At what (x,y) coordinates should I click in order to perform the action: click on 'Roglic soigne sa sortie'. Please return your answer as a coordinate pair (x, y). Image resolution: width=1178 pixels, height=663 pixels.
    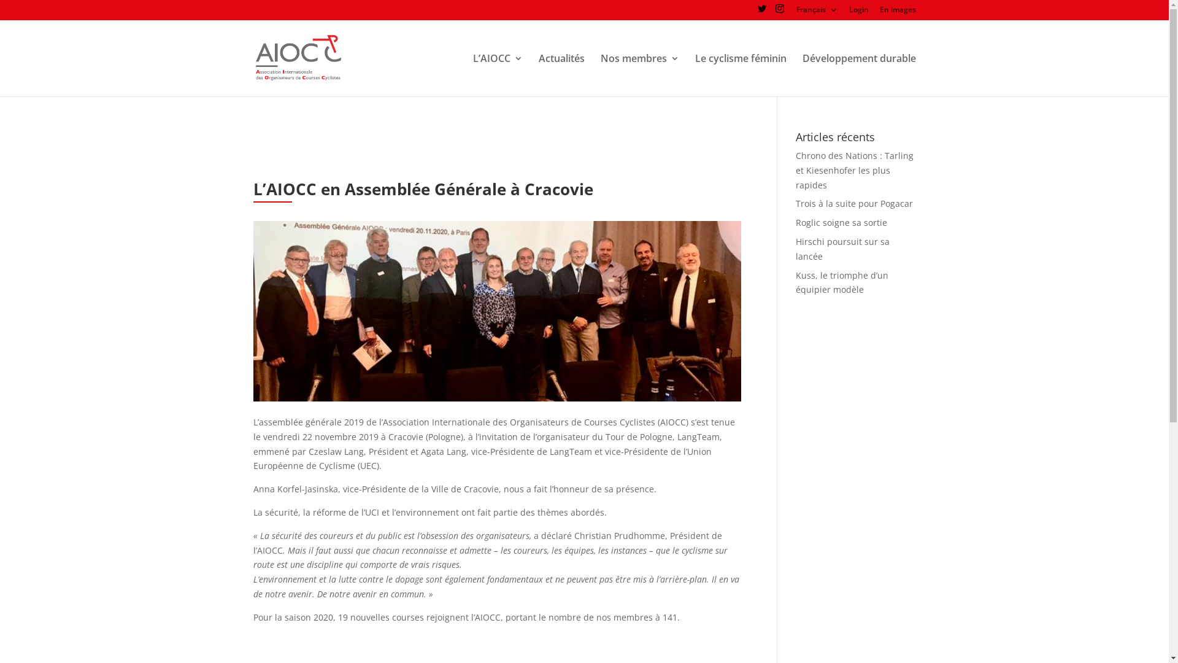
    Looking at the image, I should click on (841, 222).